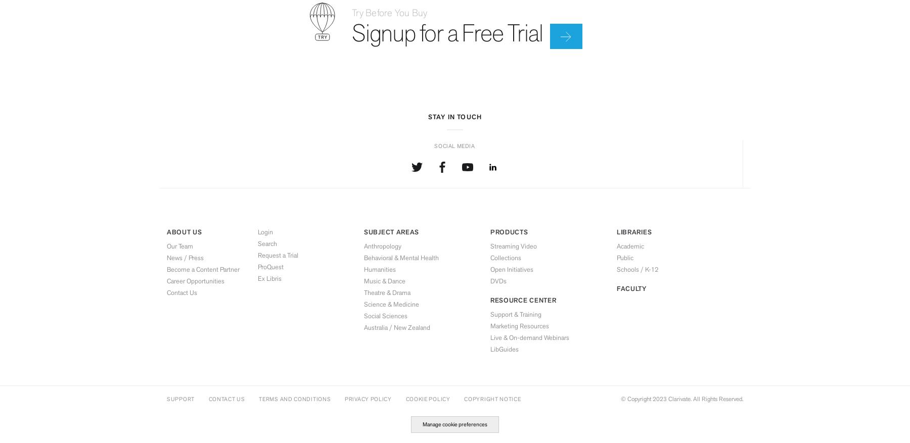  I want to click on 'Collections', so click(505, 257).